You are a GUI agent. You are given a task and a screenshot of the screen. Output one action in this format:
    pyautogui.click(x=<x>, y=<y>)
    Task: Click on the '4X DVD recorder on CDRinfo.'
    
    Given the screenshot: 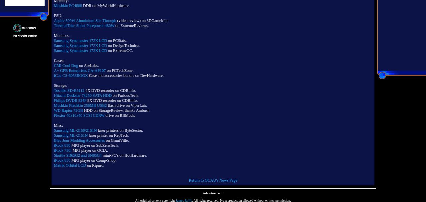 What is the action you would take?
    pyautogui.click(x=110, y=90)
    